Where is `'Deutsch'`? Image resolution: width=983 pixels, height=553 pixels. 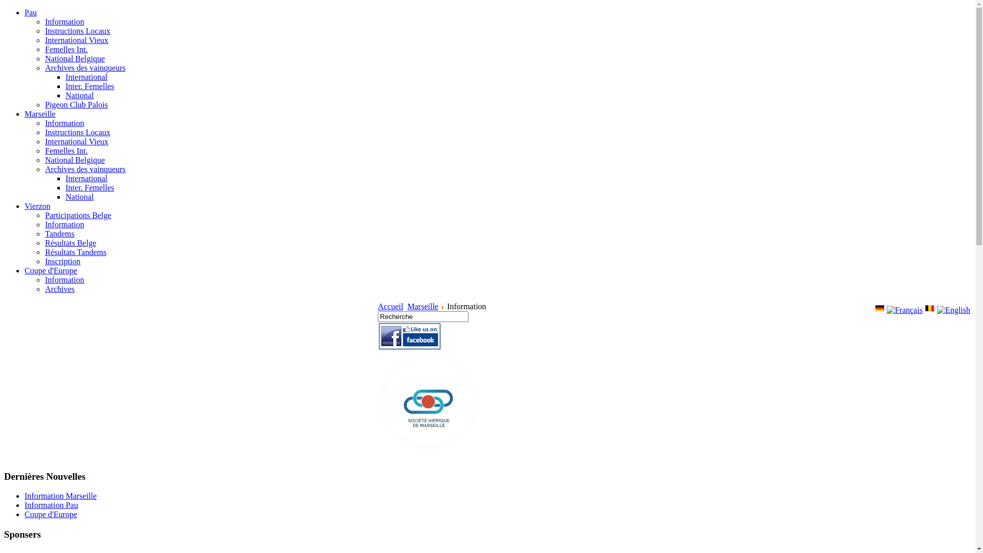
'Deutsch' is located at coordinates (879, 307).